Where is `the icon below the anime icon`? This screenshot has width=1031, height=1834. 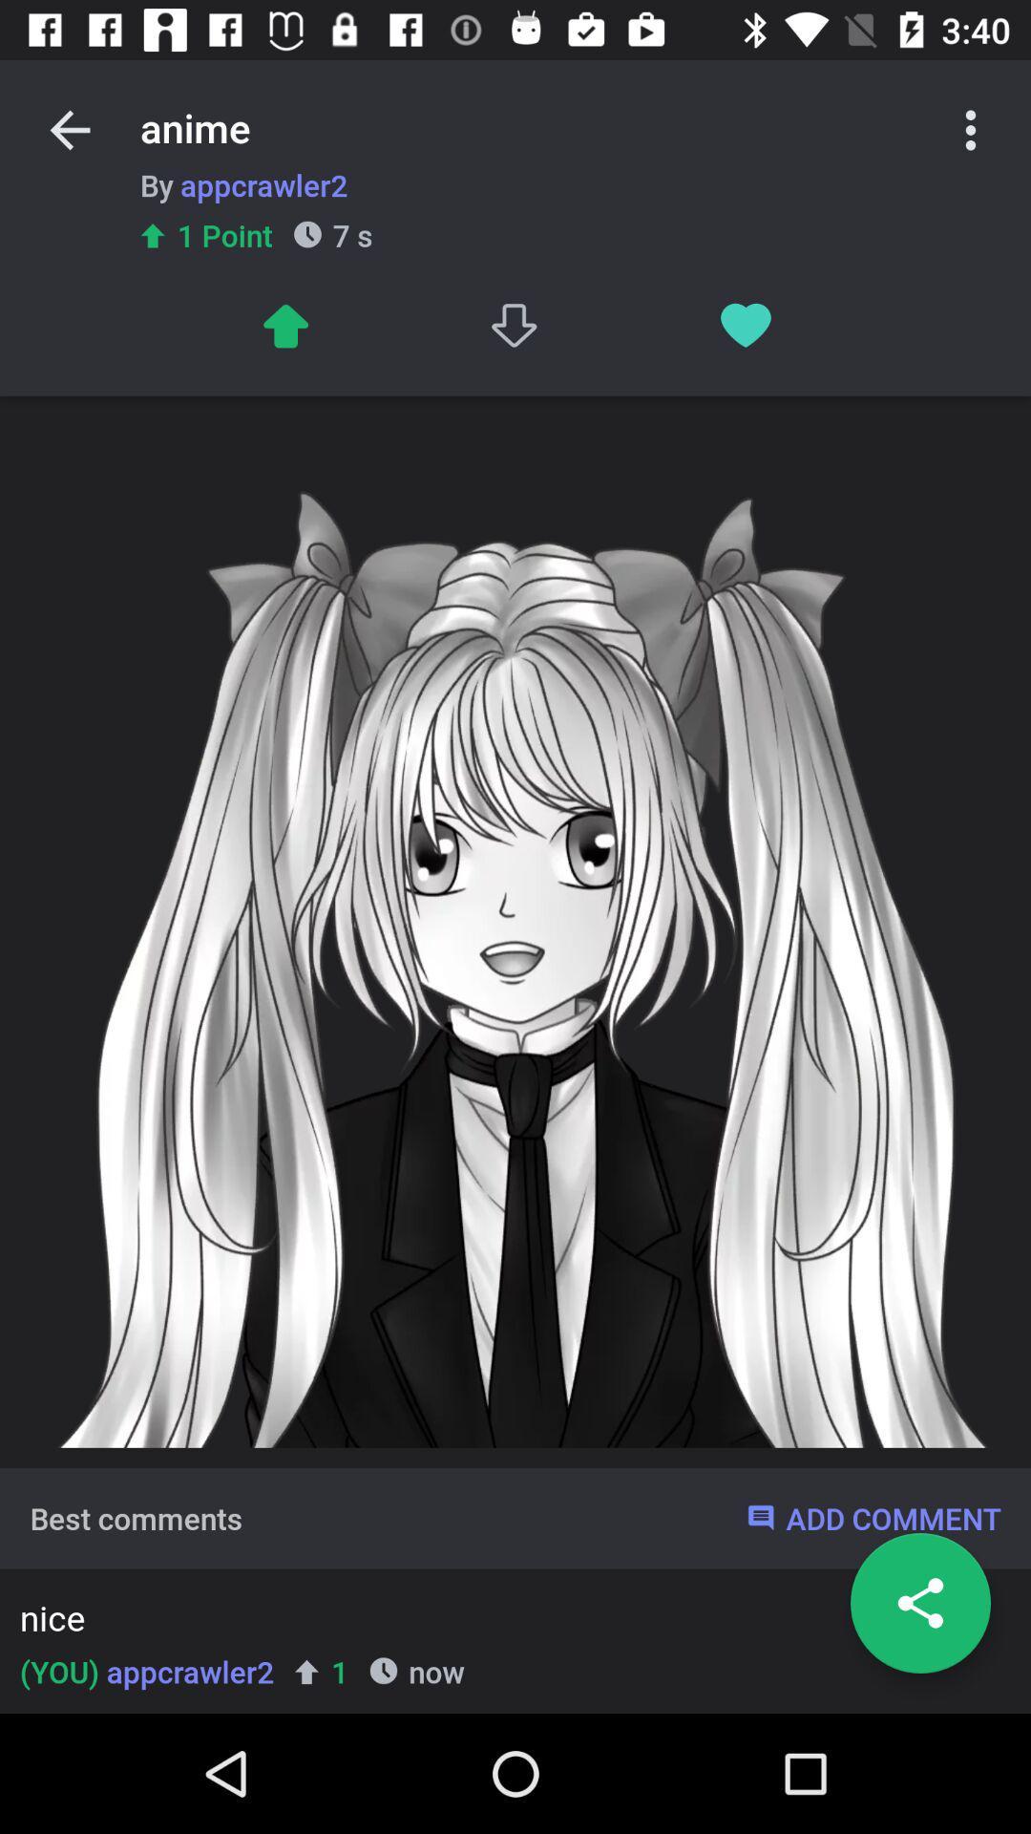
the icon below the anime icon is located at coordinates (515, 326).